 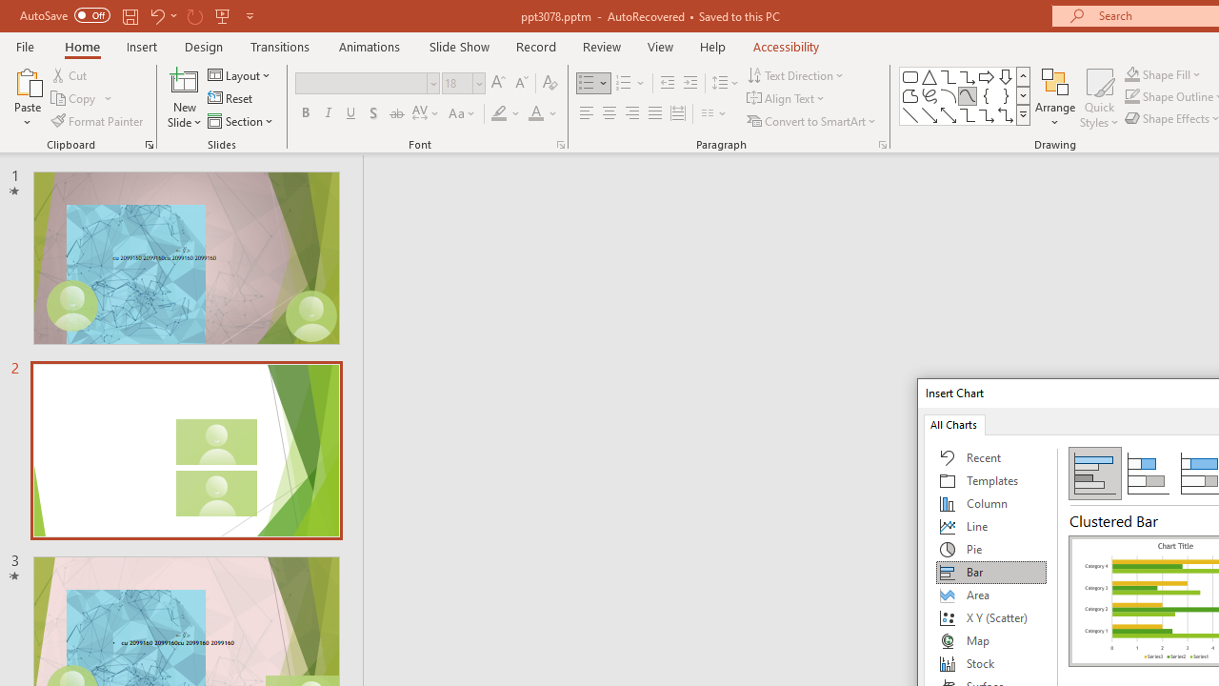 What do you see at coordinates (534, 113) in the screenshot?
I see `'Font Color Red'` at bounding box center [534, 113].